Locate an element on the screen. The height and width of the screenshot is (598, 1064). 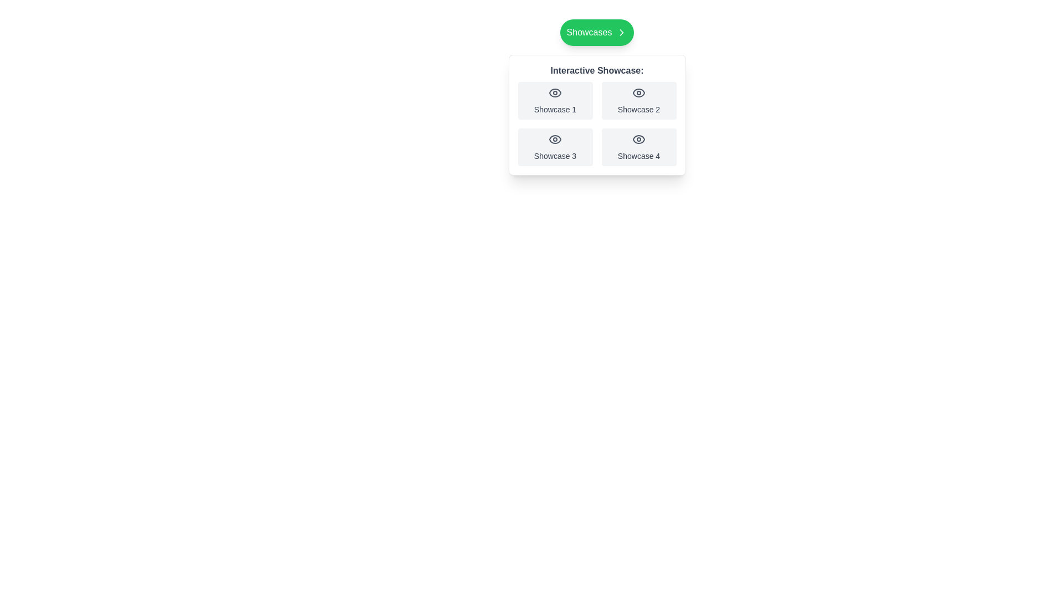
the selectable card located in the bottom-right cell of a 2x2 grid layout under the heading 'Interactive Showcase:' is located at coordinates (638, 147).